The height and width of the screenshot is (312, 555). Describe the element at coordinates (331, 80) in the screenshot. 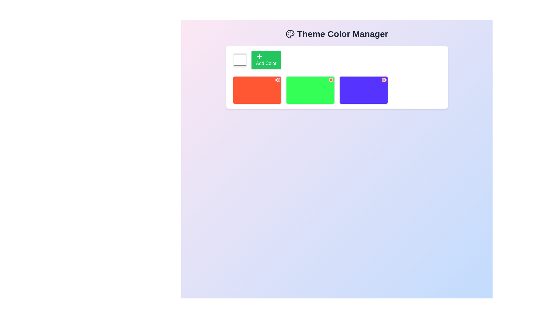

I see `the SVG circle element that is part of the close button located at the top-right corner of the green color block` at that location.